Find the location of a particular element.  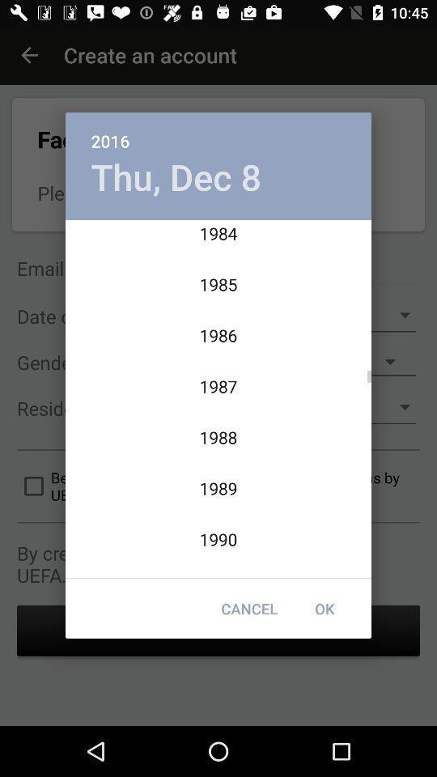

the thu, dec 8 is located at coordinates (175, 176).